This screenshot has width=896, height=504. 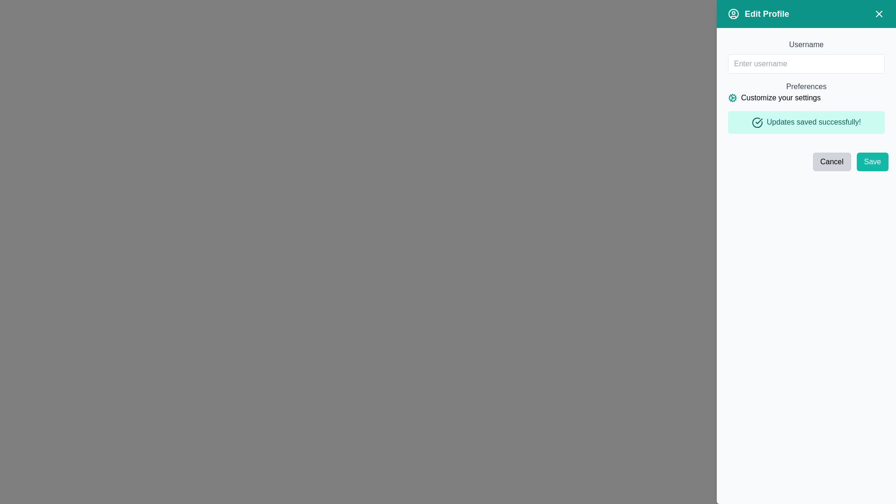 What do you see at coordinates (806, 98) in the screenshot?
I see `the text with accompanying icon in the 'Preferences' block of the settings menu to modify user account settings or preferences` at bounding box center [806, 98].